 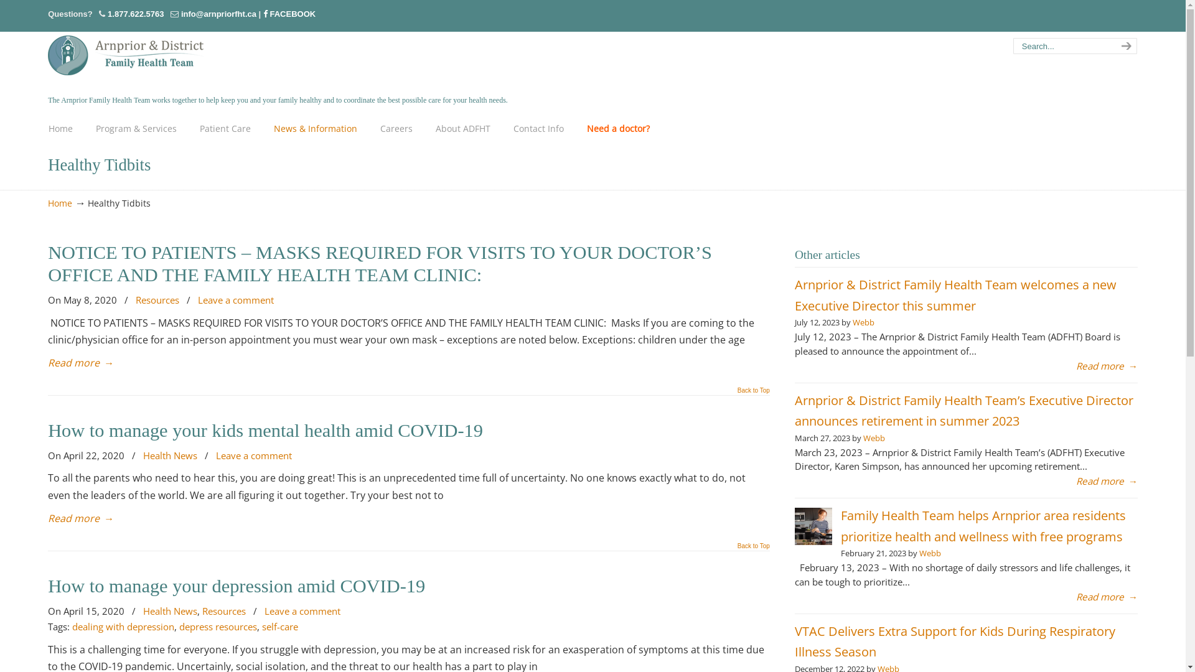 What do you see at coordinates (261, 129) in the screenshot?
I see `'News & Information'` at bounding box center [261, 129].